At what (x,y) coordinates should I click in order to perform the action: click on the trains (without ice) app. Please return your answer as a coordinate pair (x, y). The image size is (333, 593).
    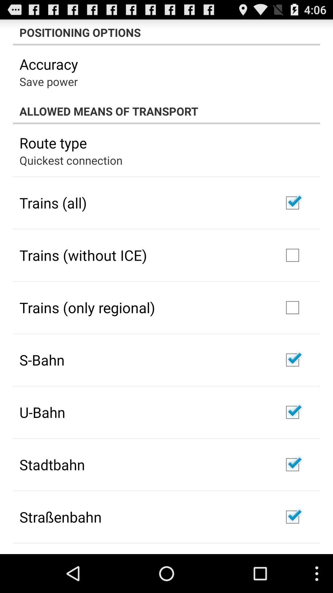
    Looking at the image, I should click on (83, 255).